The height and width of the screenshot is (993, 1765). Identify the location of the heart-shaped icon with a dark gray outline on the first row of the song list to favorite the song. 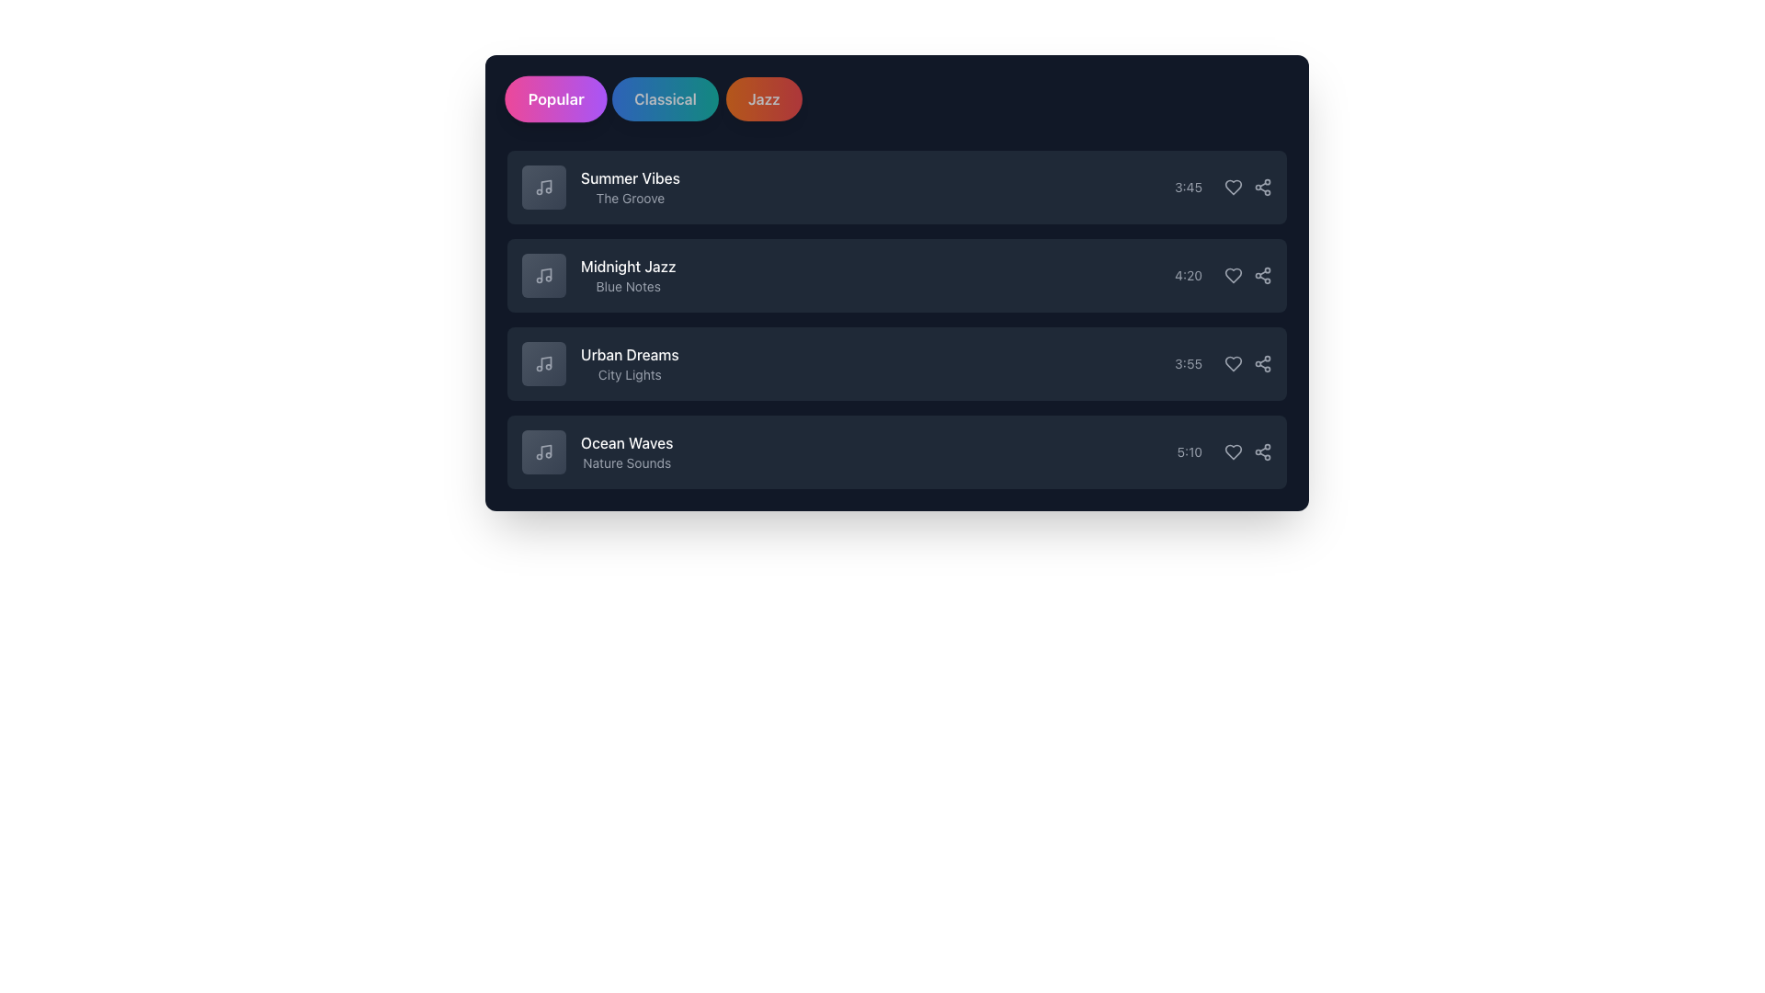
(1234, 188).